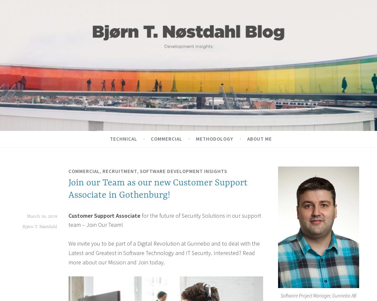  I want to click on 'Software Project Manager, Gunnebo AB', so click(318, 295).